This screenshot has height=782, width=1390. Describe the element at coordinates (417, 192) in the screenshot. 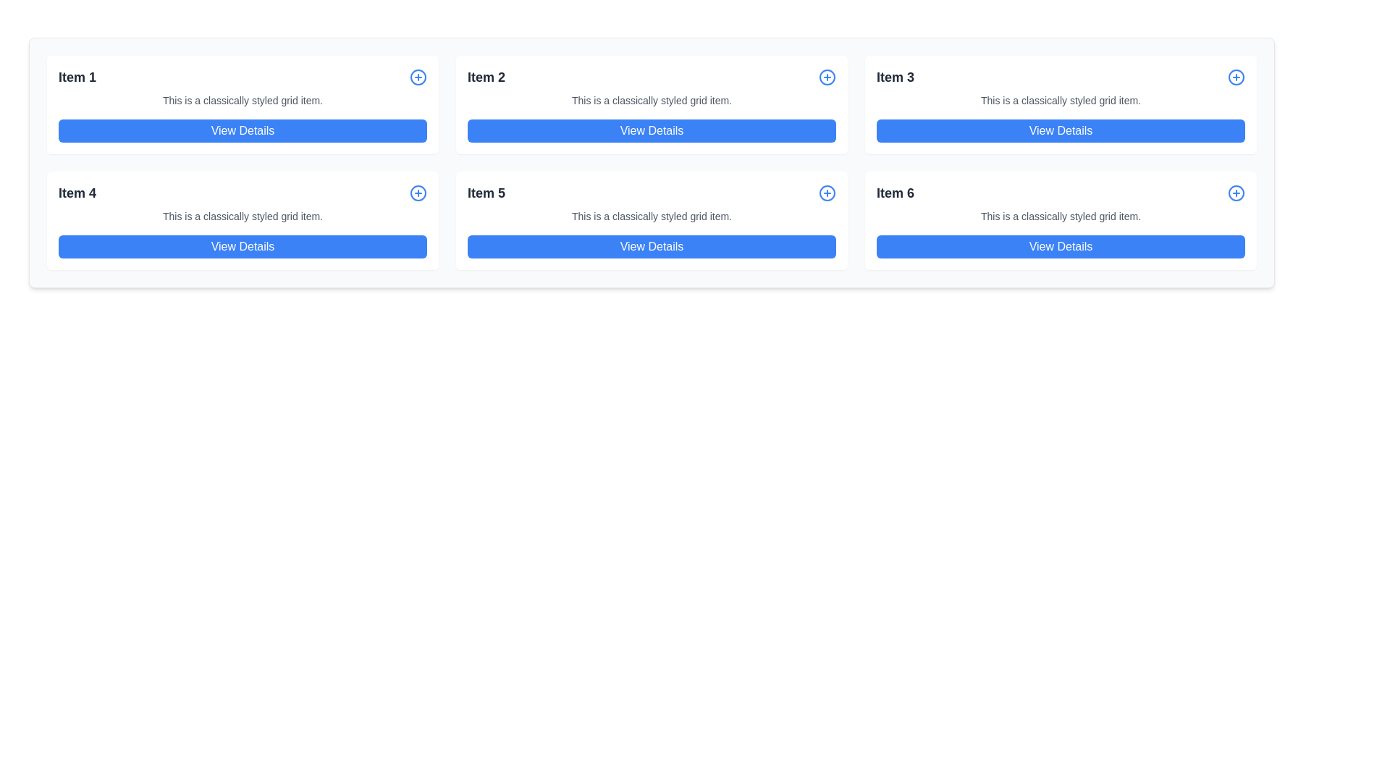

I see `the circular outline of the icon associated with 'Item 4', located at the top-right of the 'Item 4' card` at that location.